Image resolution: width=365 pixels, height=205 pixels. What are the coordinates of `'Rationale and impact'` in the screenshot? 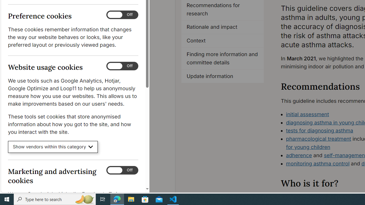 It's located at (222, 27).